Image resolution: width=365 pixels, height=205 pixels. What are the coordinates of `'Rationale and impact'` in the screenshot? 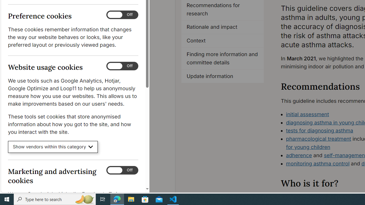 It's located at (222, 27).